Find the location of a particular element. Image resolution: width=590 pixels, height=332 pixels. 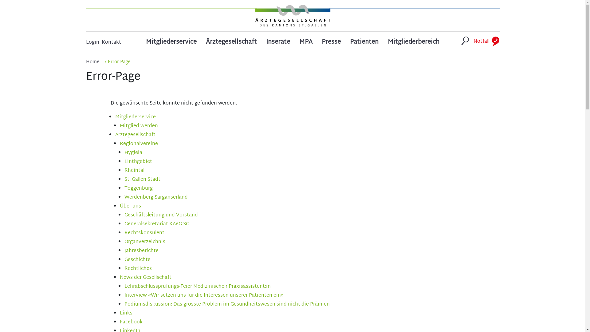

'Patienten' is located at coordinates (364, 44).